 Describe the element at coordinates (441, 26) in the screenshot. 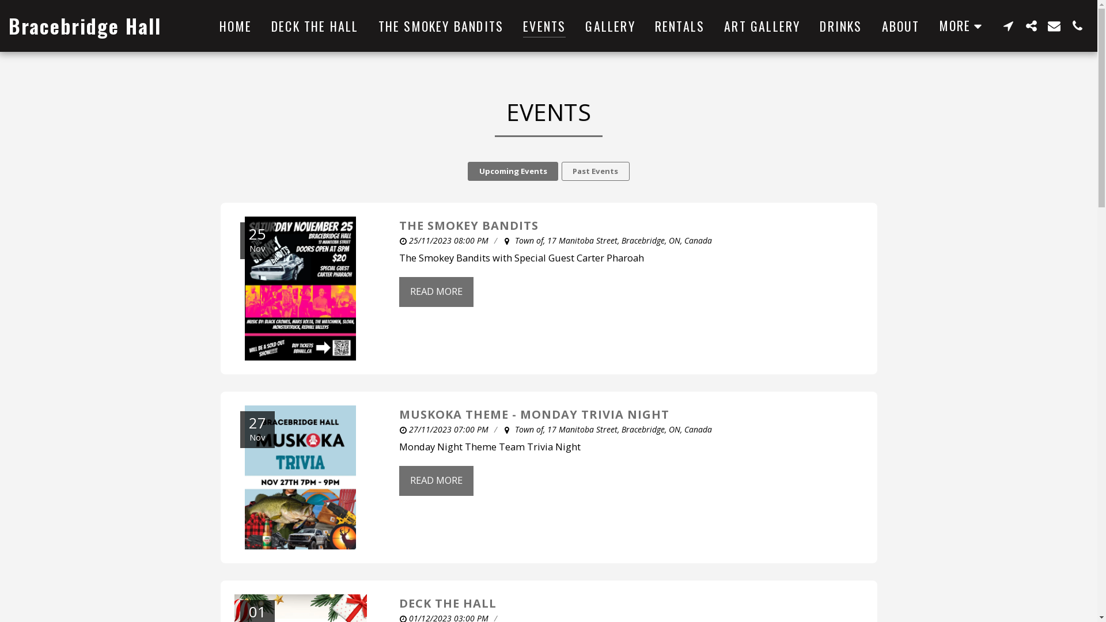

I see `'THE SMOKEY BANDITS'` at that location.